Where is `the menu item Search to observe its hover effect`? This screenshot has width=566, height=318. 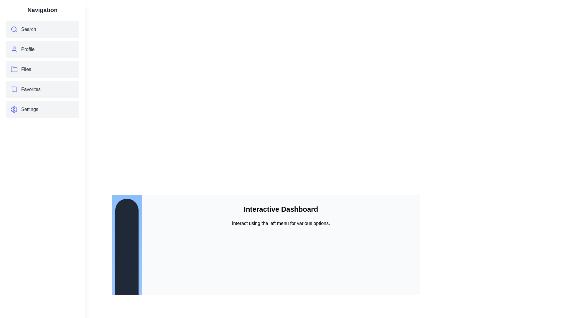 the menu item Search to observe its hover effect is located at coordinates (42, 29).